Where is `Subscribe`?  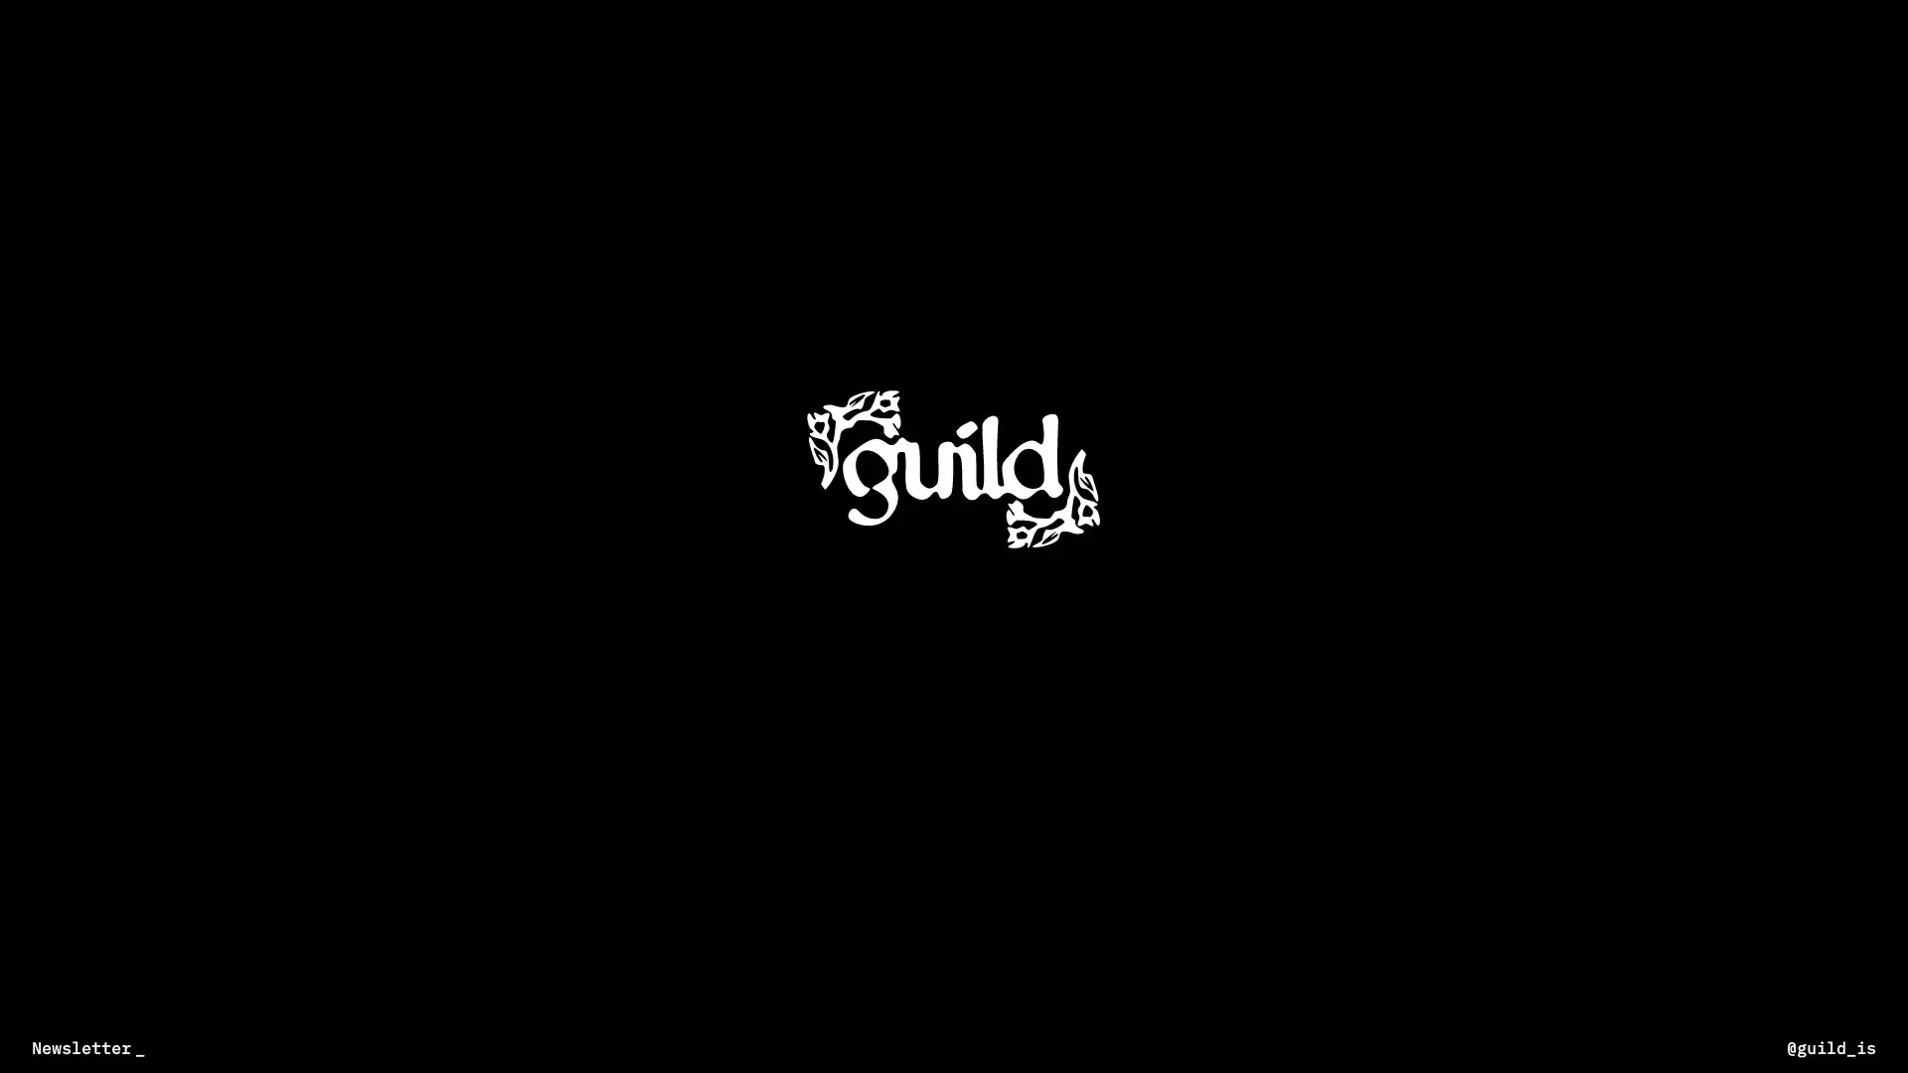 Subscribe is located at coordinates (427, 1046).